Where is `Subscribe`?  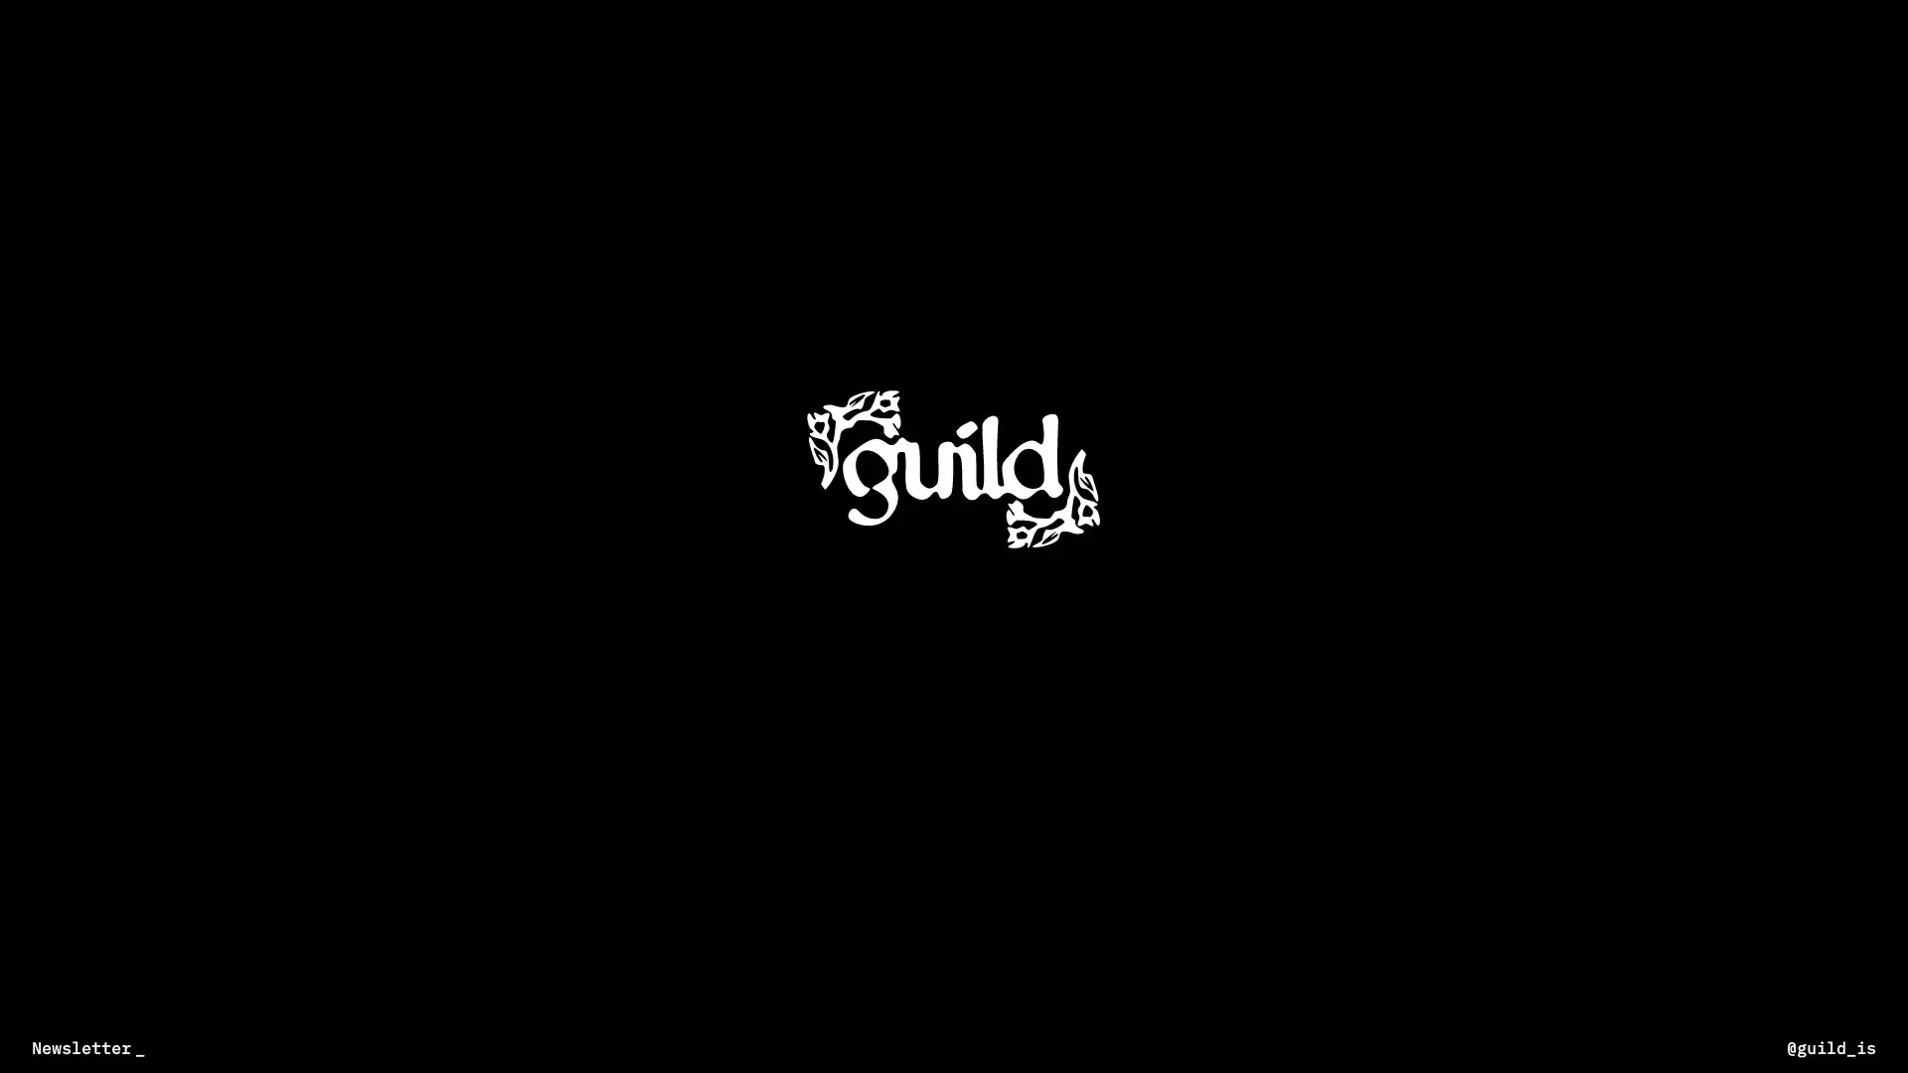 Subscribe is located at coordinates (427, 1046).